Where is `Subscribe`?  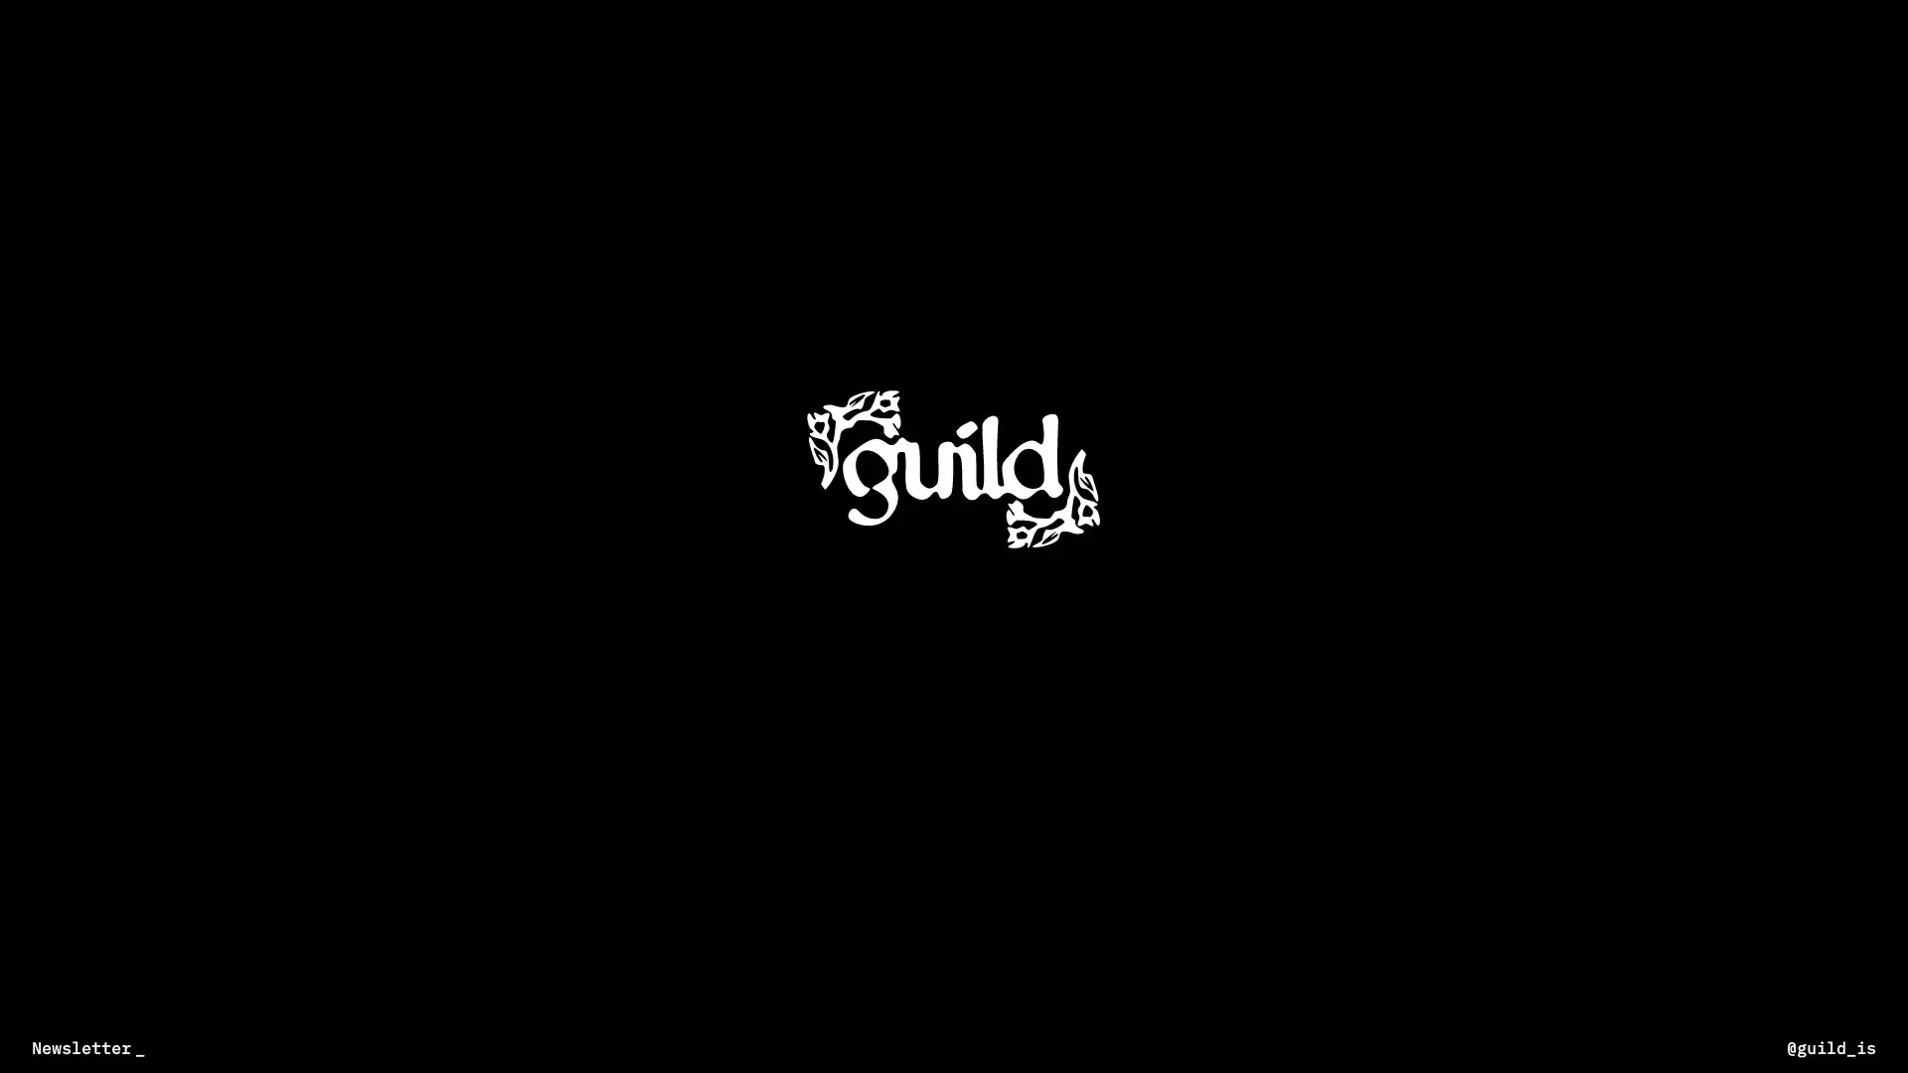 Subscribe is located at coordinates (427, 1046).